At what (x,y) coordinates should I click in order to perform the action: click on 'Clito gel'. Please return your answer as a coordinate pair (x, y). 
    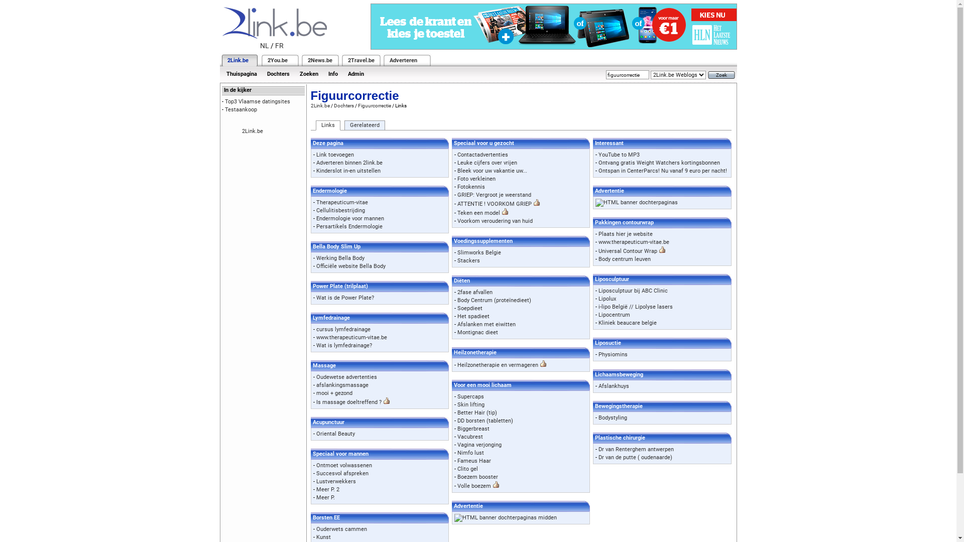
    Looking at the image, I should click on (467, 469).